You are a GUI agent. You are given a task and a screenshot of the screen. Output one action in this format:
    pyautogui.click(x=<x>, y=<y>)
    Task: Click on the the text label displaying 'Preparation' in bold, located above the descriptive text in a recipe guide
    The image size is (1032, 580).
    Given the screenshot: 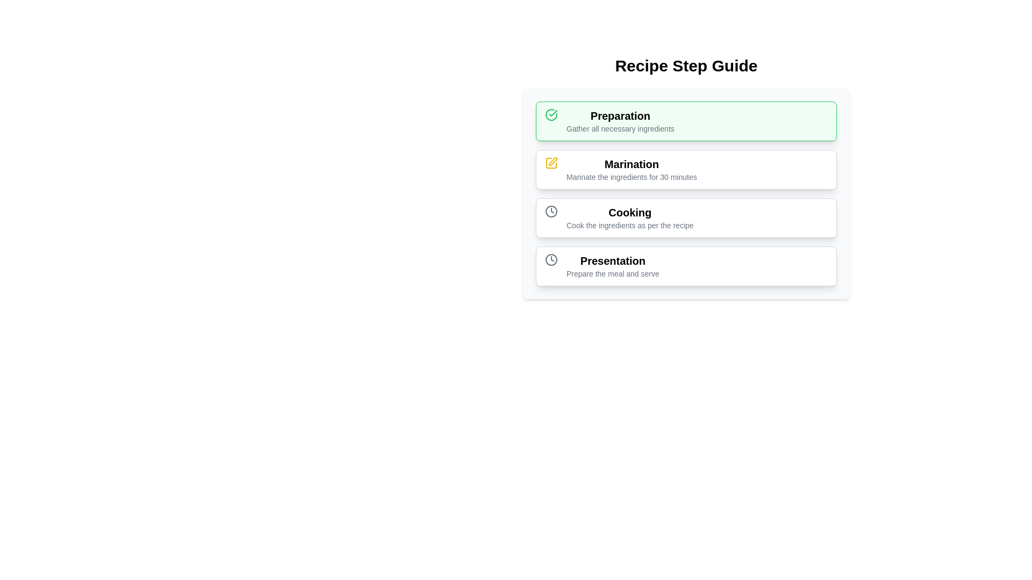 What is the action you would take?
    pyautogui.click(x=620, y=116)
    